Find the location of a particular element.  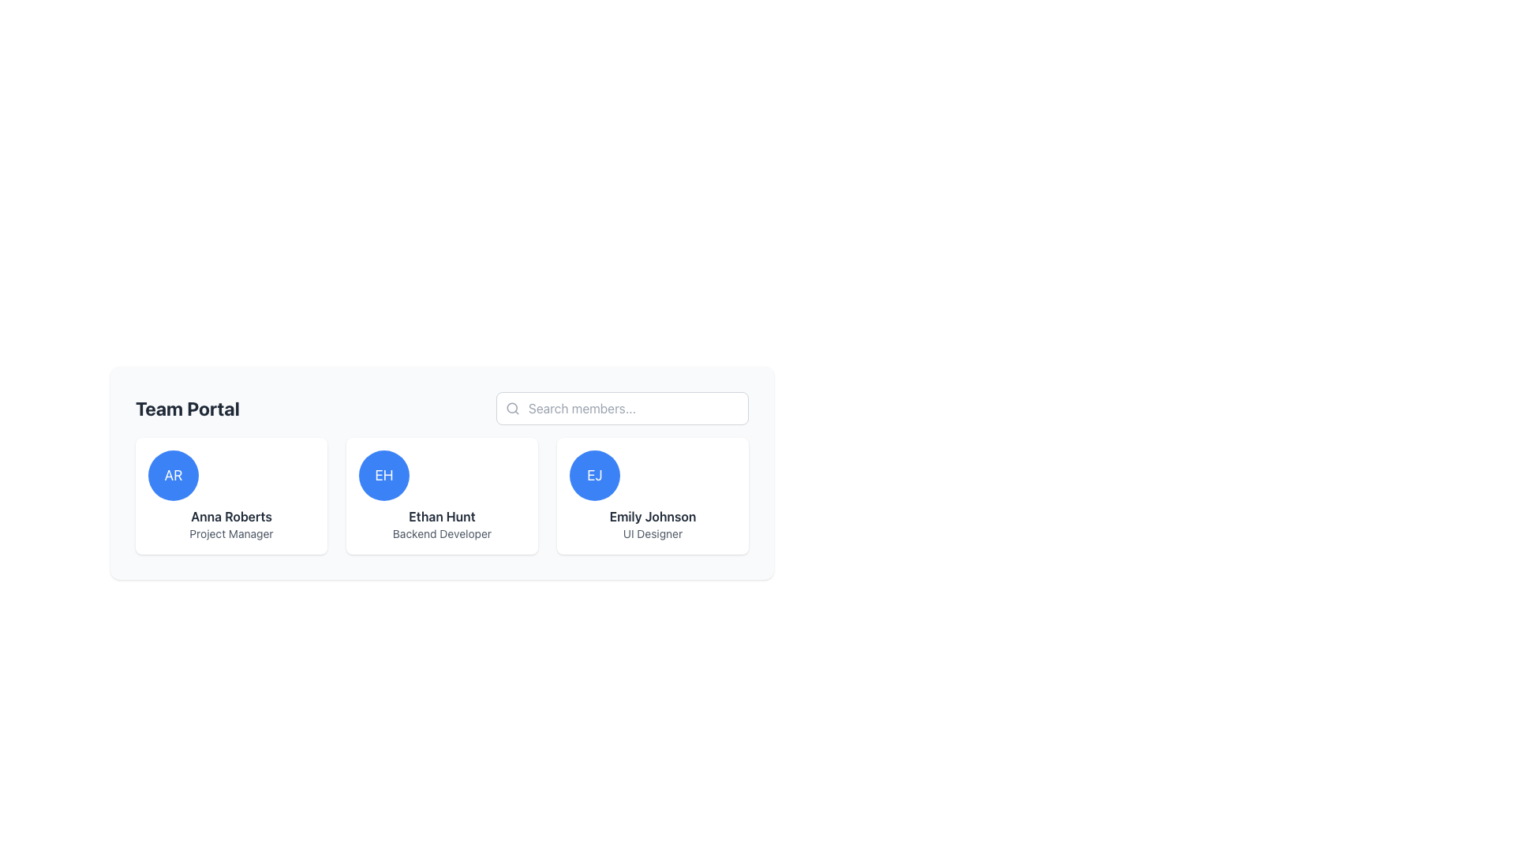

the profile card for Emily Johnson, which is the third card in a horizontal row of three cards, displaying her name and role as UI Designer is located at coordinates (653, 495).